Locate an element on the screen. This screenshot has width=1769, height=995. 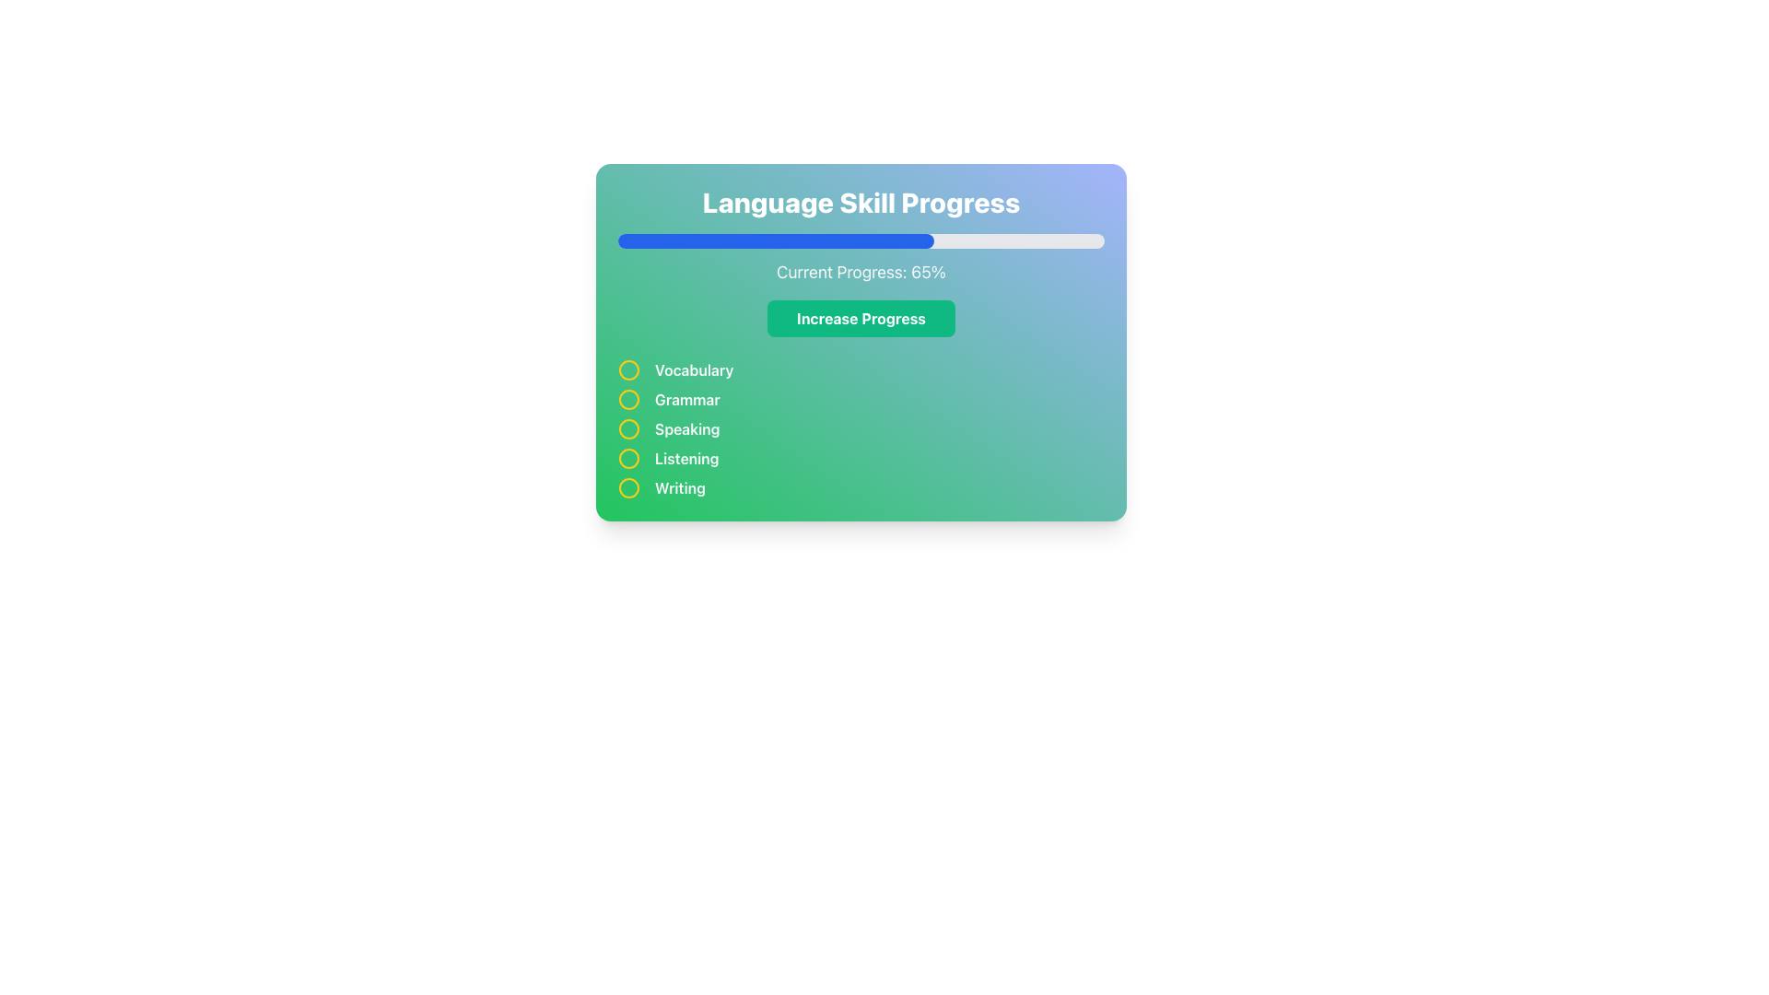
the button that increases the progress value of the related activity or skill set, located directly underneath the text 'Current Progress: 65%' is located at coordinates (861, 318).